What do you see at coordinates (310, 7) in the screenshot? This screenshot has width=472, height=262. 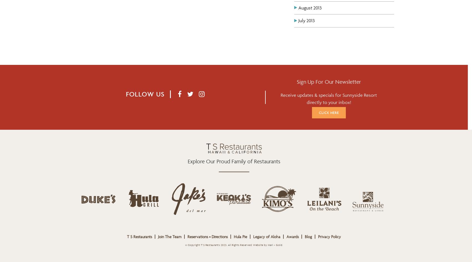 I see `'August 2013'` at bounding box center [310, 7].